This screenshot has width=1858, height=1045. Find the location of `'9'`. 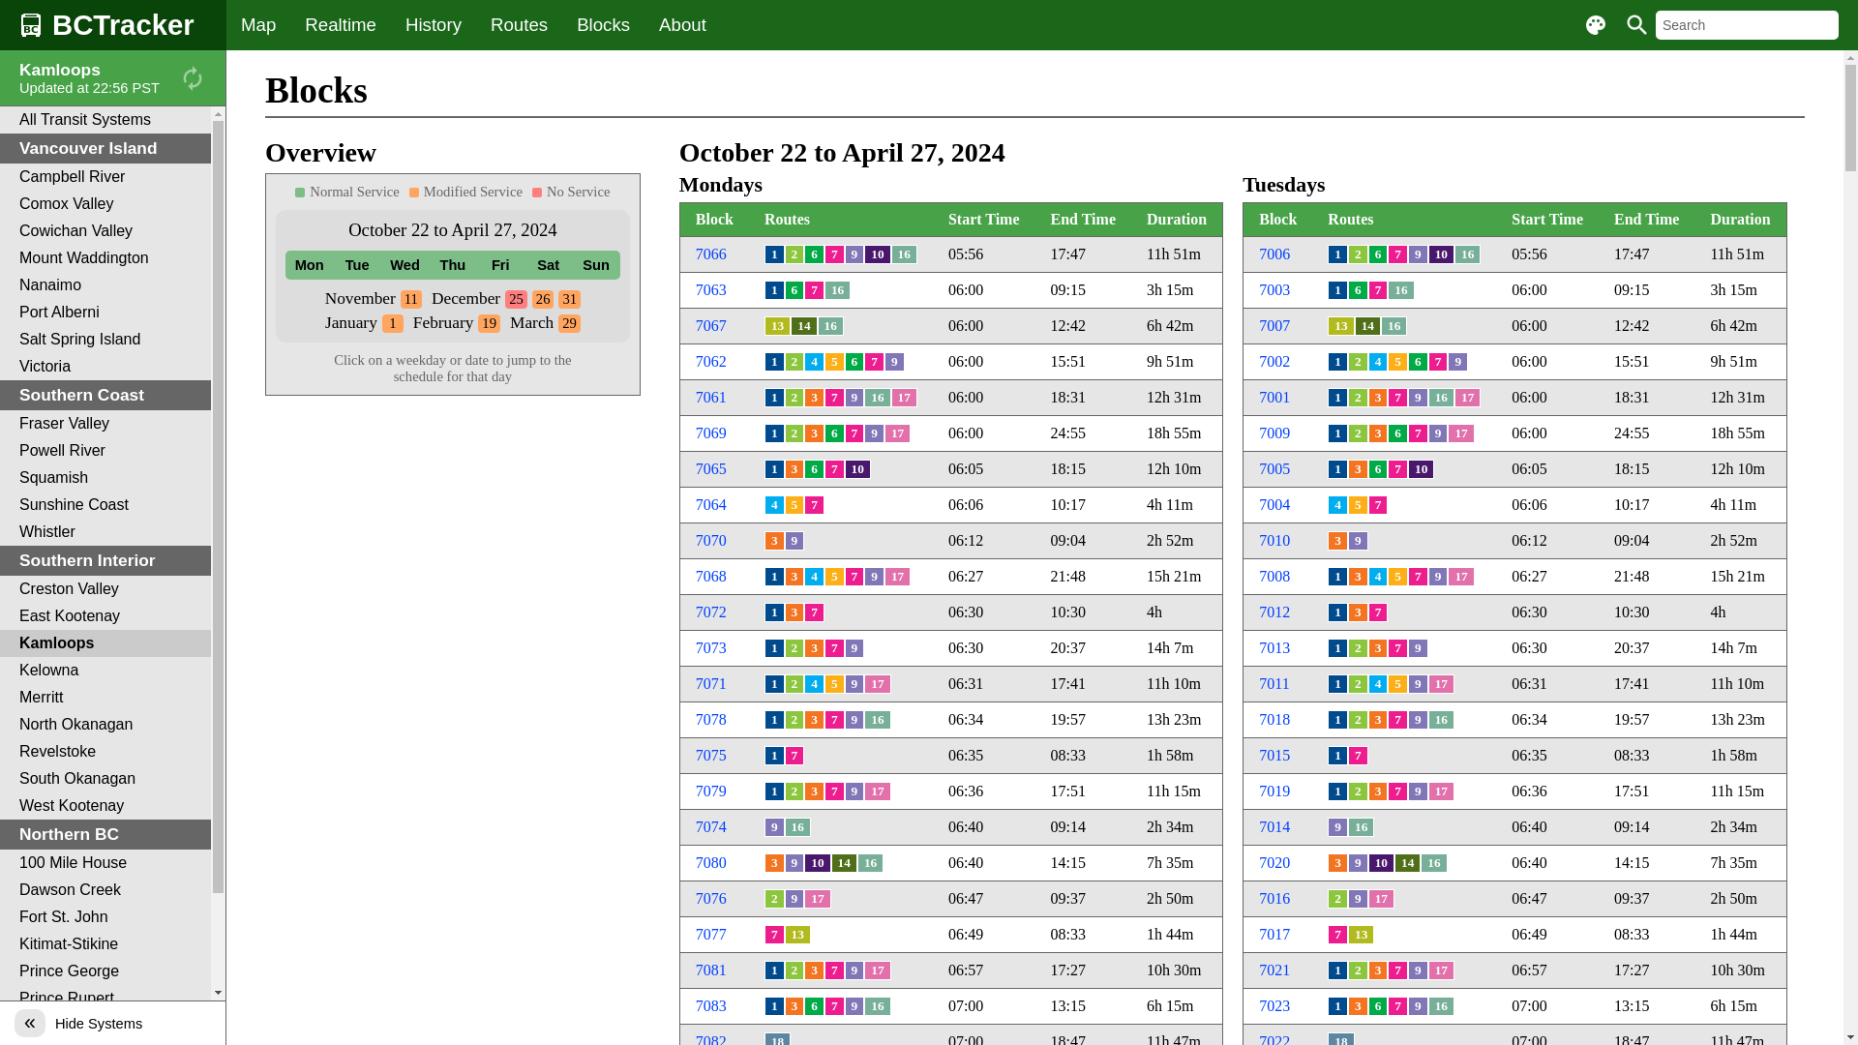

'9' is located at coordinates (854, 1005).